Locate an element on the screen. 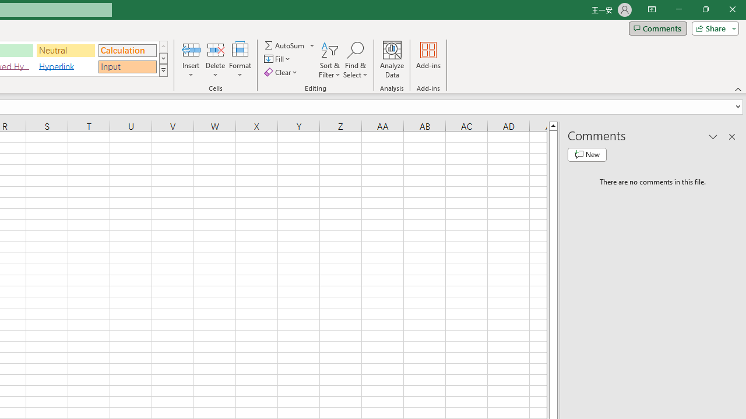  'Input' is located at coordinates (127, 66).